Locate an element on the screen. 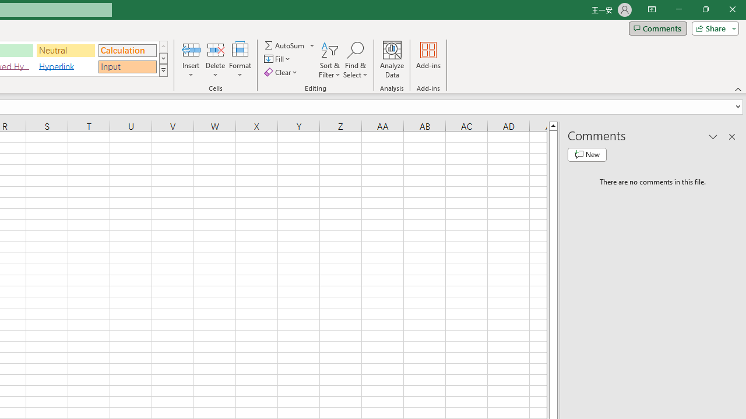  'Input' is located at coordinates (127, 66).